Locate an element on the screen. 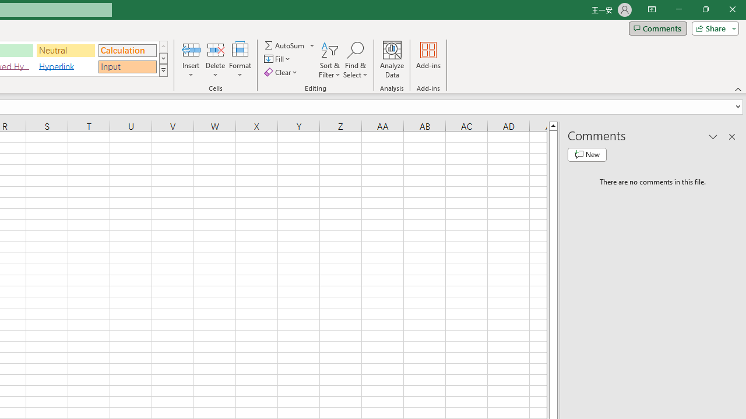  'Input' is located at coordinates (127, 66).